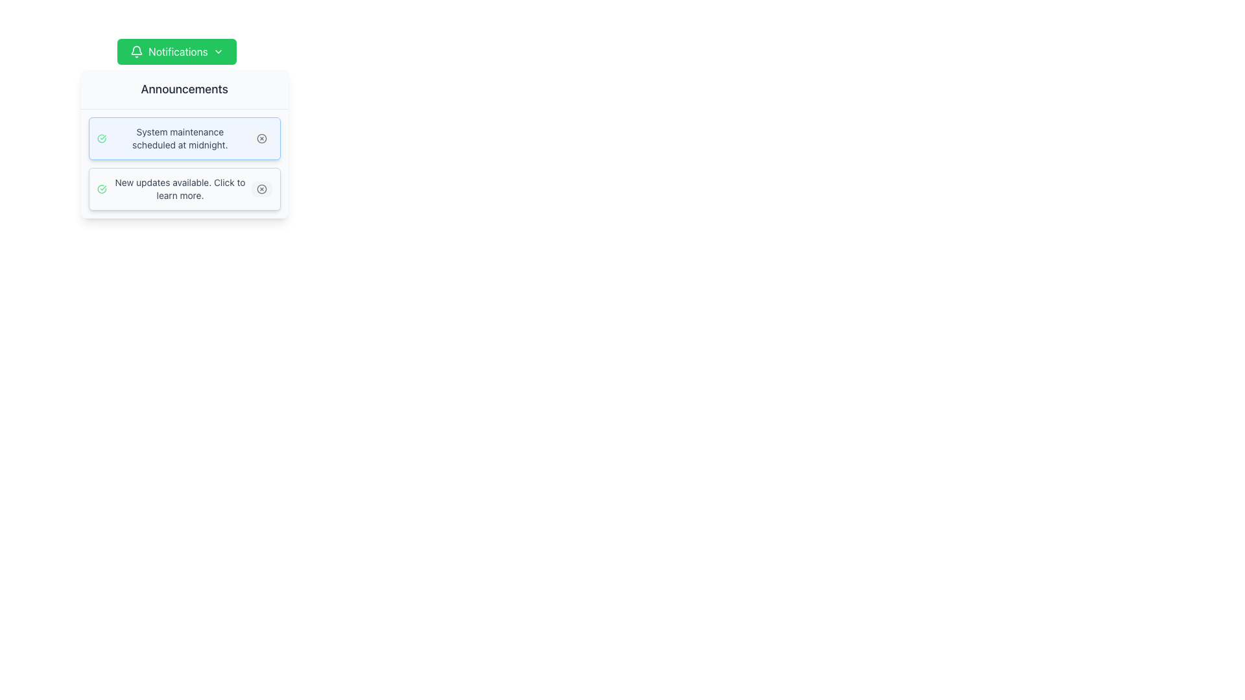 The image size is (1245, 700). What do you see at coordinates (176, 51) in the screenshot?
I see `the notification panel toggle button located above the 'Announcements' content` at bounding box center [176, 51].